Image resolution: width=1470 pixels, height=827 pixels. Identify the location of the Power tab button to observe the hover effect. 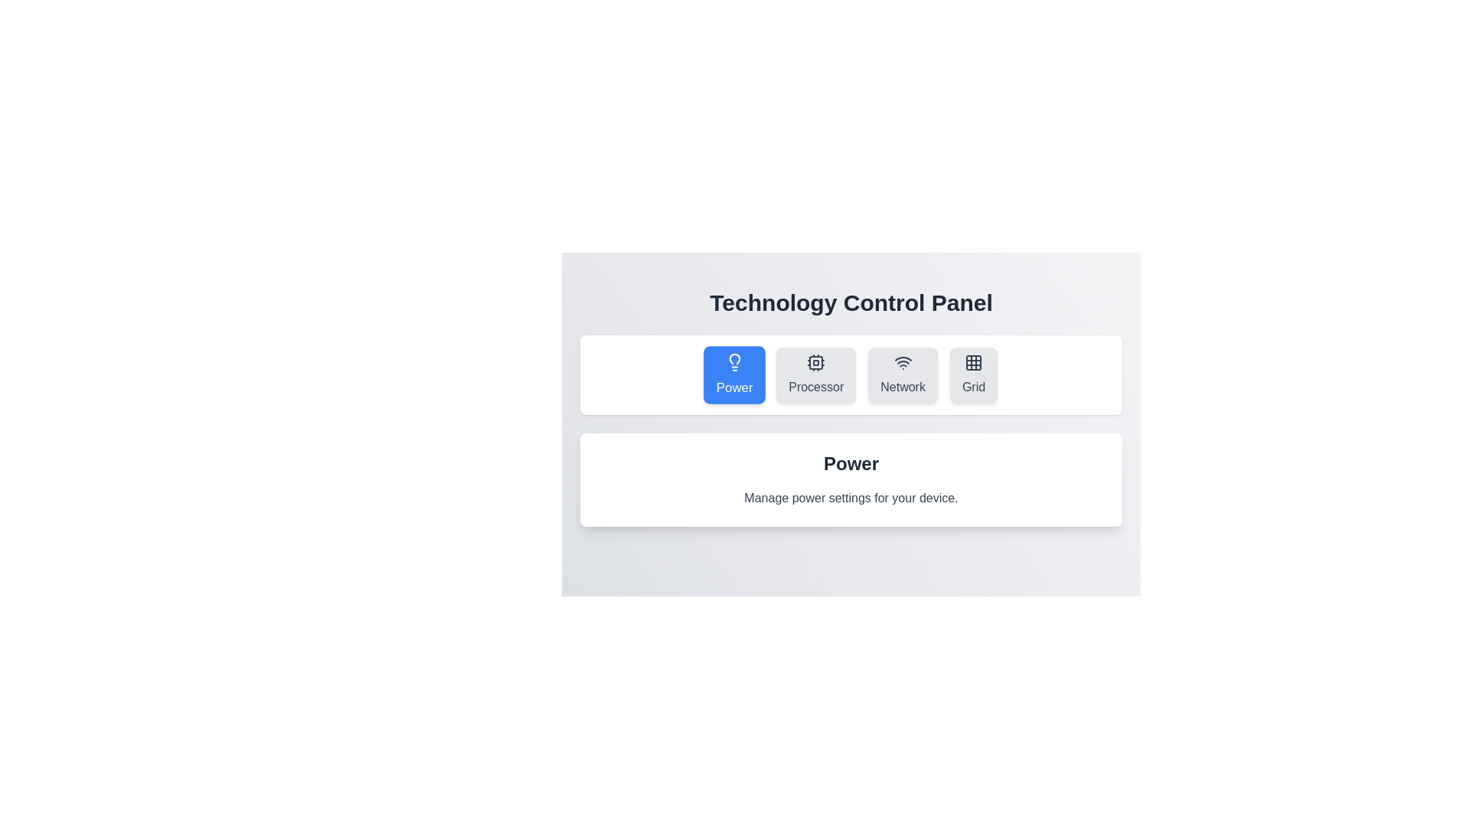
(733, 374).